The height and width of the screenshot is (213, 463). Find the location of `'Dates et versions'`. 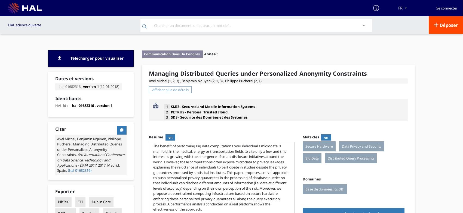

'Dates et versions' is located at coordinates (55, 78).